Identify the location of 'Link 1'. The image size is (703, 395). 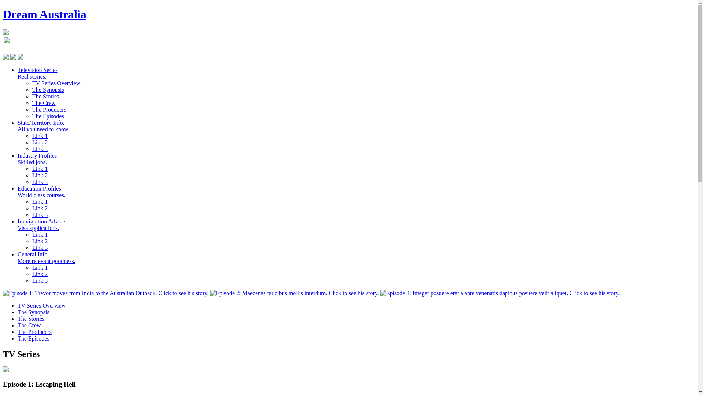
(40, 136).